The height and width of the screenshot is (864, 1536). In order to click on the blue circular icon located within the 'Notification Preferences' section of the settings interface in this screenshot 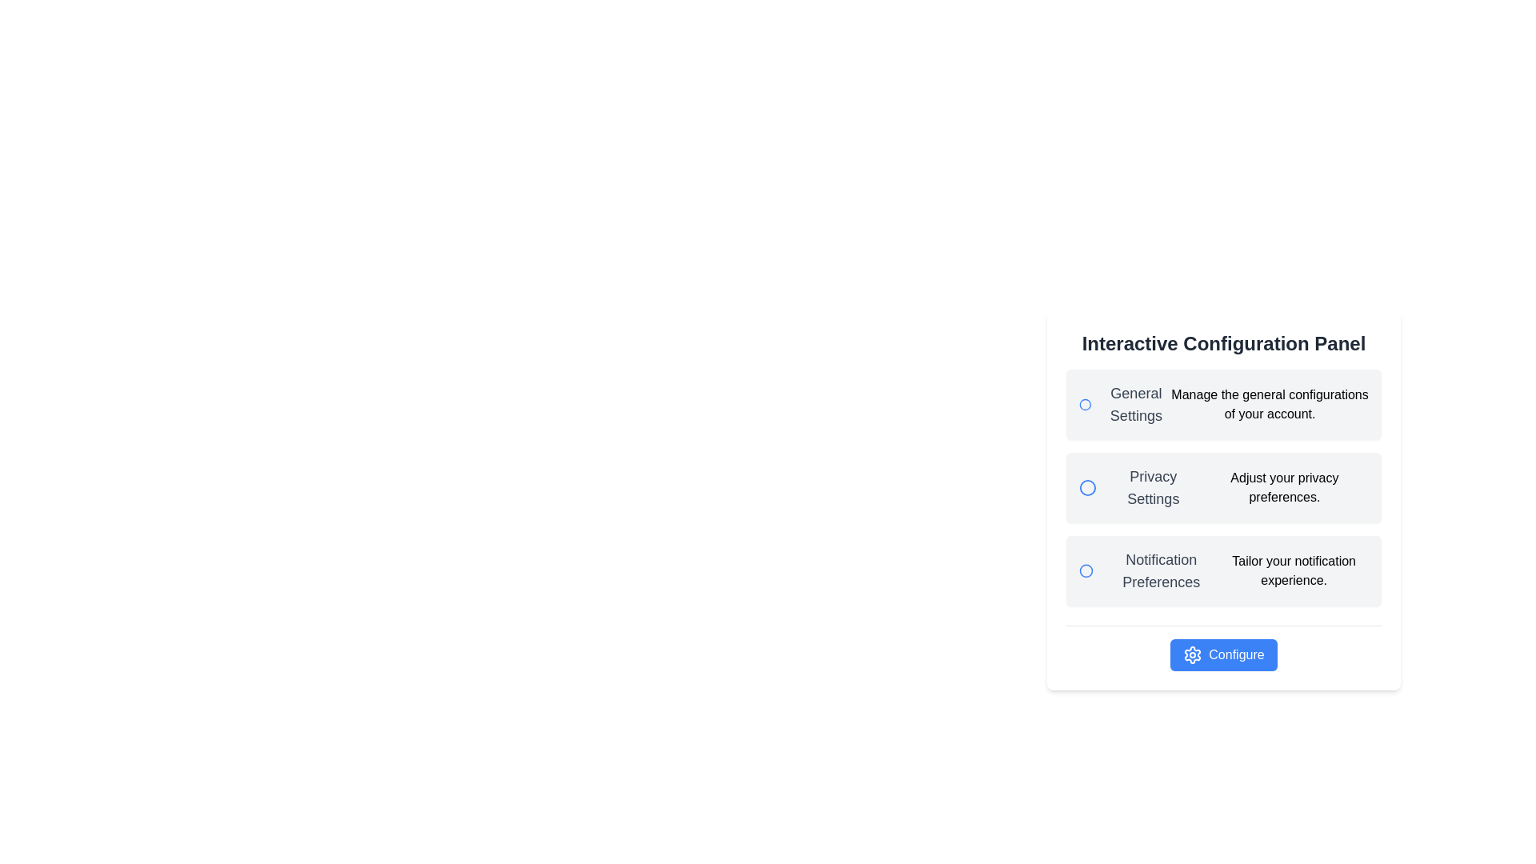, I will do `click(1086, 570)`.